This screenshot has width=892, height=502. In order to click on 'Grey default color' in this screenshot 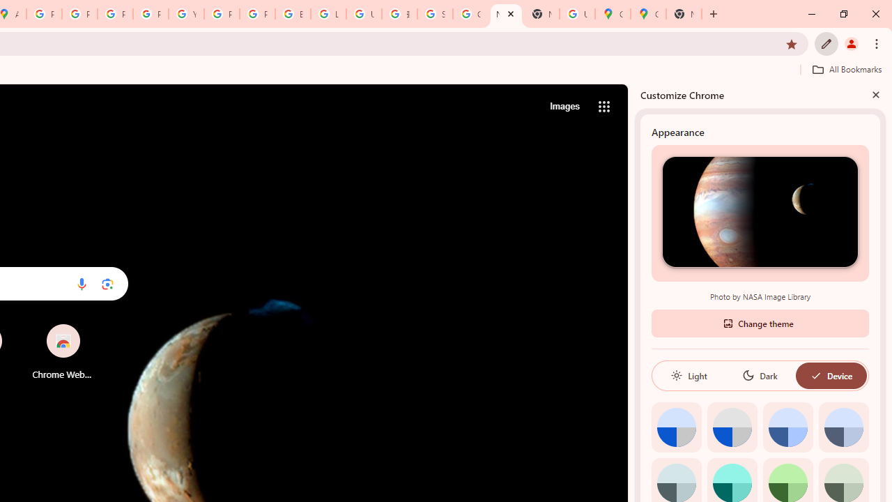, I will do `click(731, 426)`.